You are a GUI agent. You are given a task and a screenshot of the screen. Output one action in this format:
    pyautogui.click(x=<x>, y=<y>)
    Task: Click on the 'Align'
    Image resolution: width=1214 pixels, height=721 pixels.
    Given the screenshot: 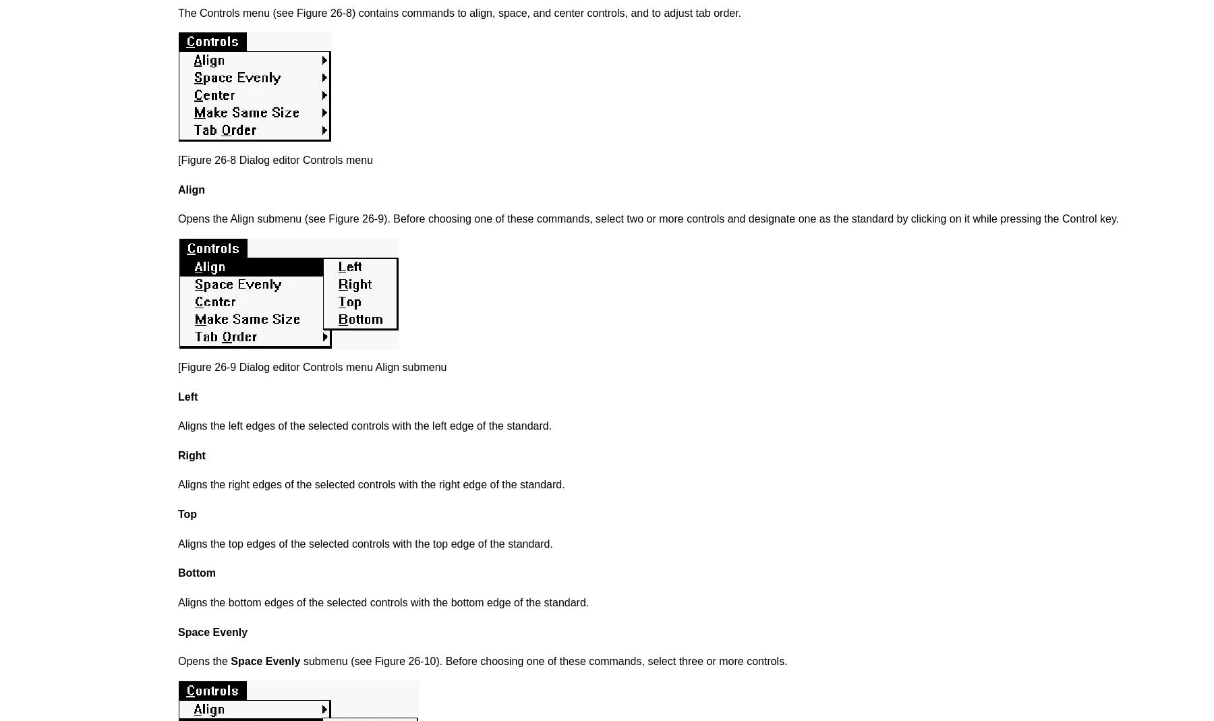 What is the action you would take?
    pyautogui.click(x=191, y=188)
    